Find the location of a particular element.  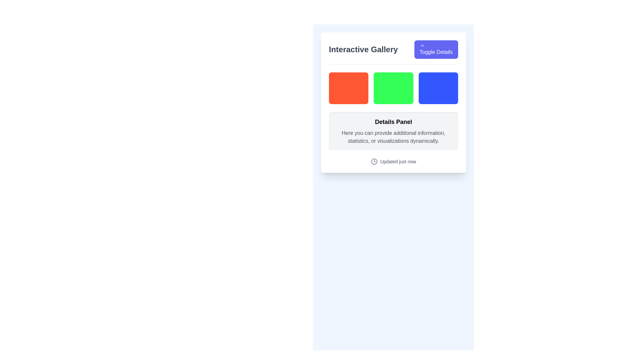

small circular clock icon located to the left of the text 'Updated just now' in the 'Details Panel' for additional info is located at coordinates (374, 162).